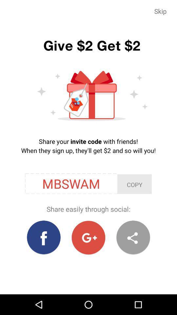 Image resolution: width=177 pixels, height=315 pixels. Describe the element at coordinates (44, 237) in the screenshot. I see `share through facebook` at that location.